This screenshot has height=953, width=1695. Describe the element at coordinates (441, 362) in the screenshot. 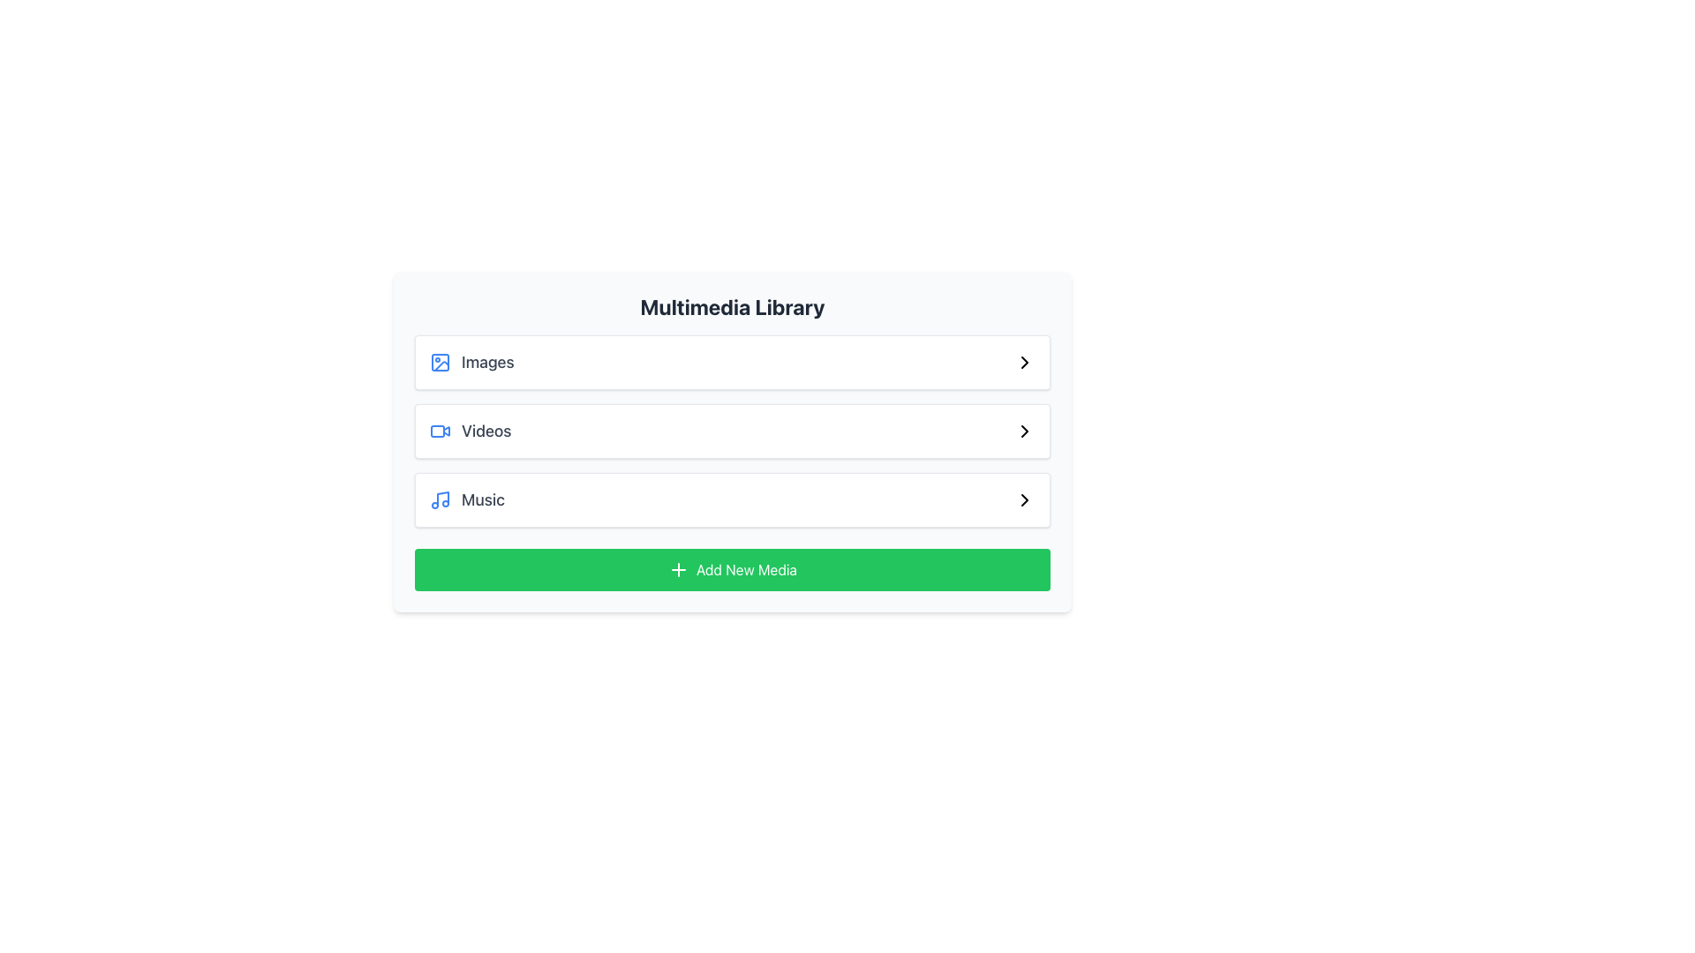

I see `the 'Images' icon in the multimedia library, located near the top-left corner of the first entry labeled 'Images'` at that location.